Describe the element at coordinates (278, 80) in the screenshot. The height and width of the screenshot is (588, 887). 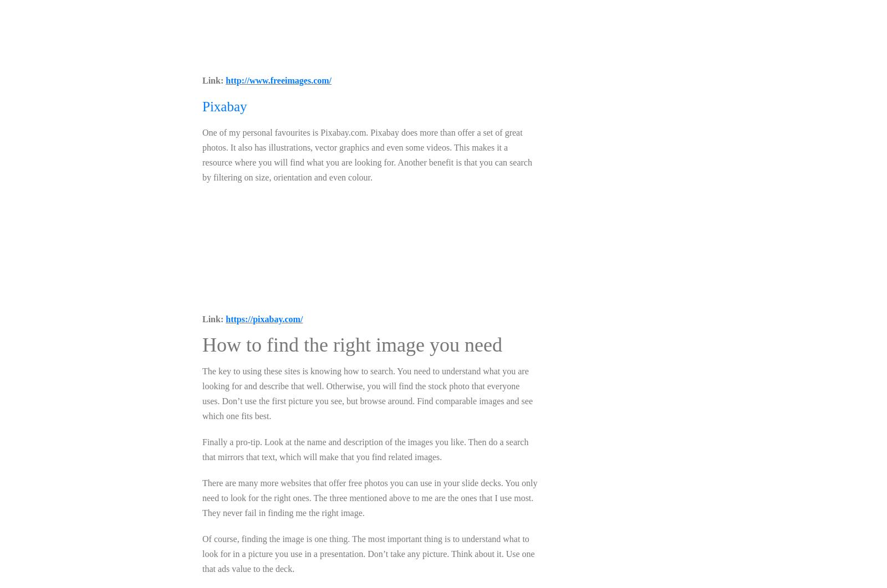
I see `'http://www.freeimages.com/'` at that location.